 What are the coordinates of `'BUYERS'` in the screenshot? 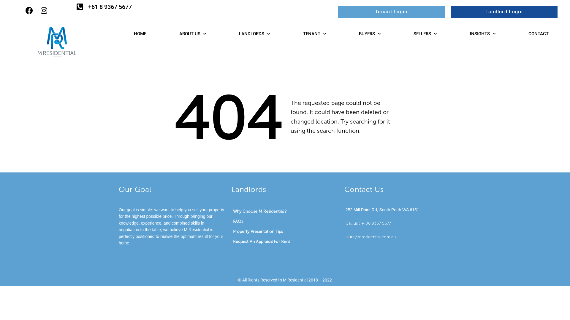 It's located at (342, 34).